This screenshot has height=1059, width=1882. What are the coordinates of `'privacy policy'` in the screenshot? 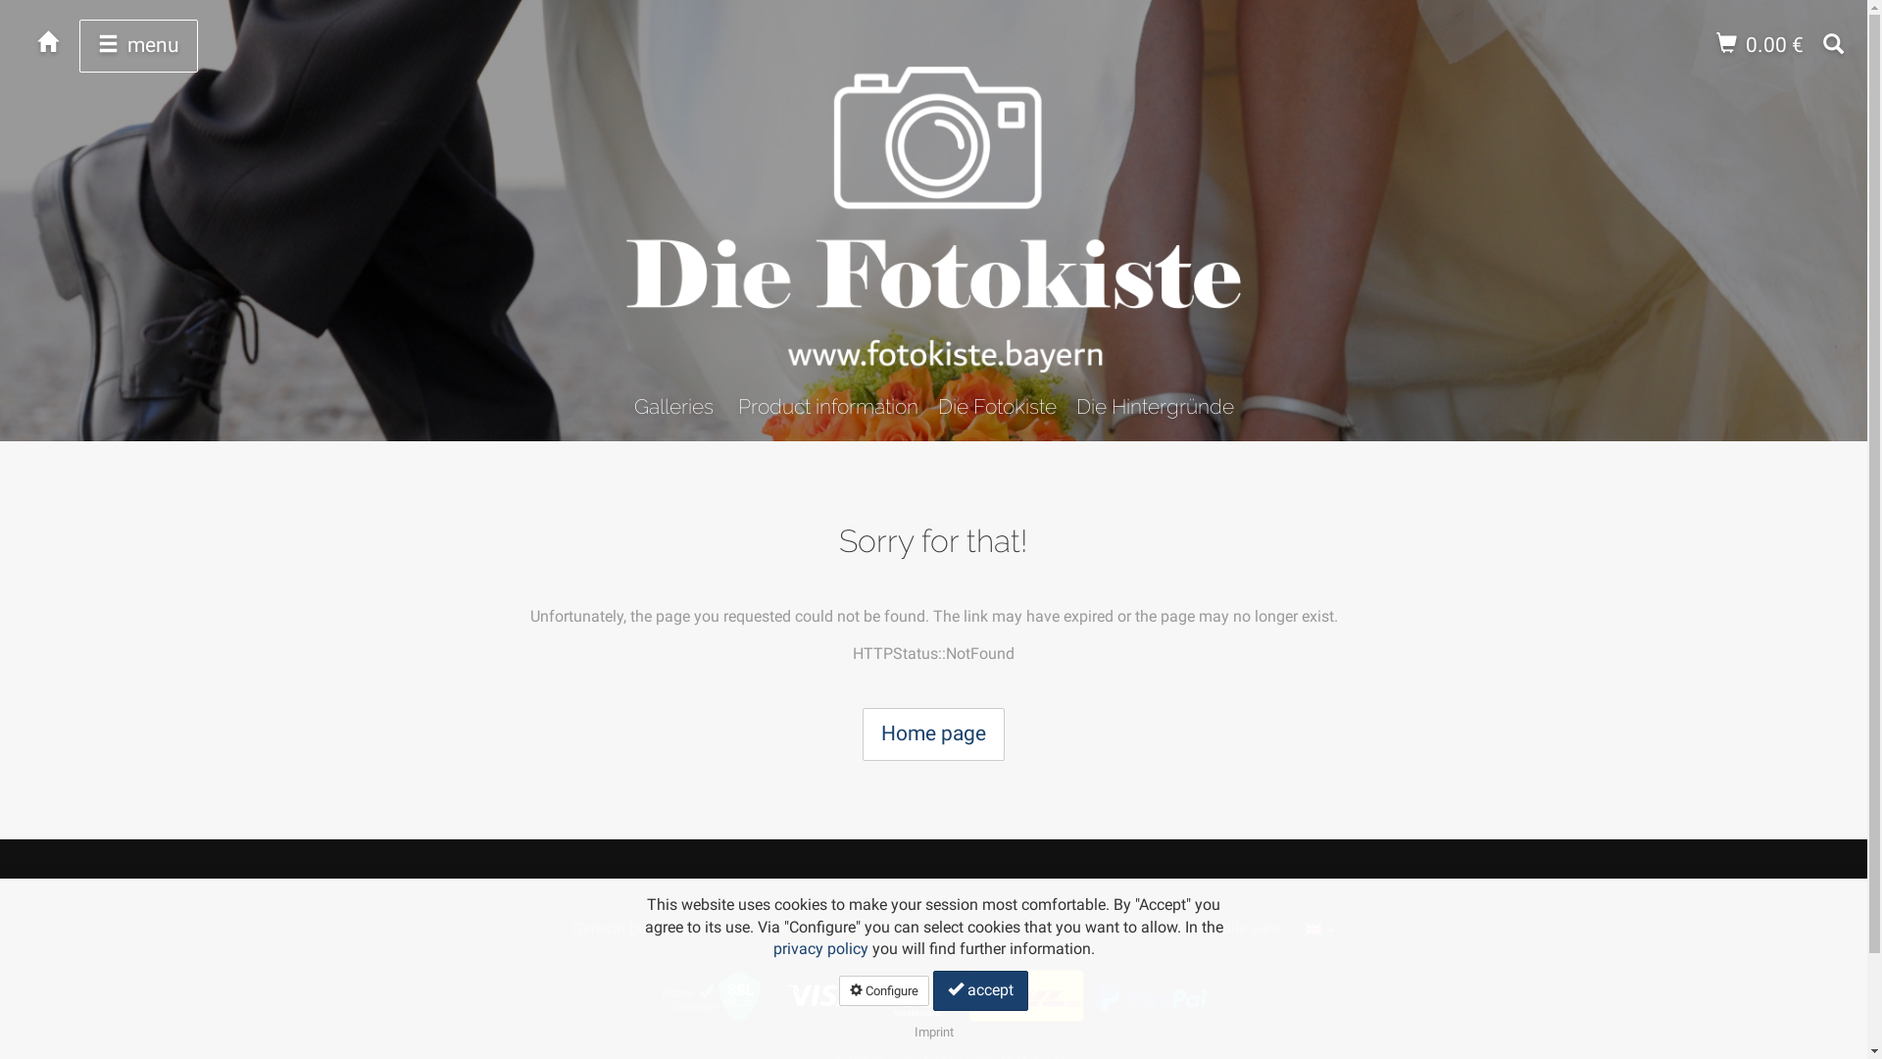 It's located at (819, 947).